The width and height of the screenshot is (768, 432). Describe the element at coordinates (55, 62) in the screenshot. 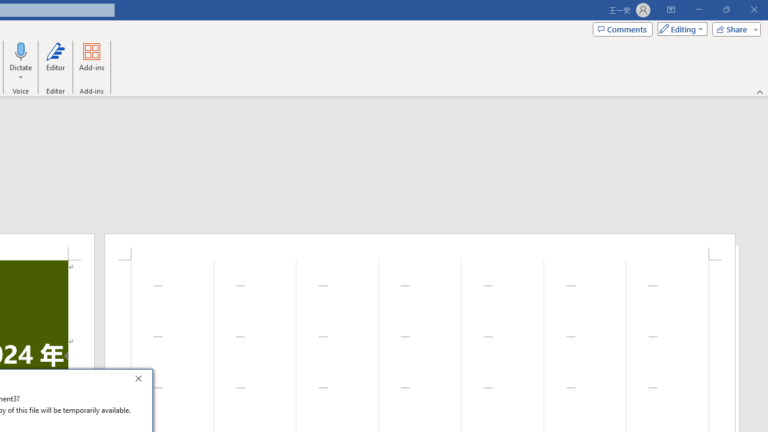

I see `'Editor'` at that location.